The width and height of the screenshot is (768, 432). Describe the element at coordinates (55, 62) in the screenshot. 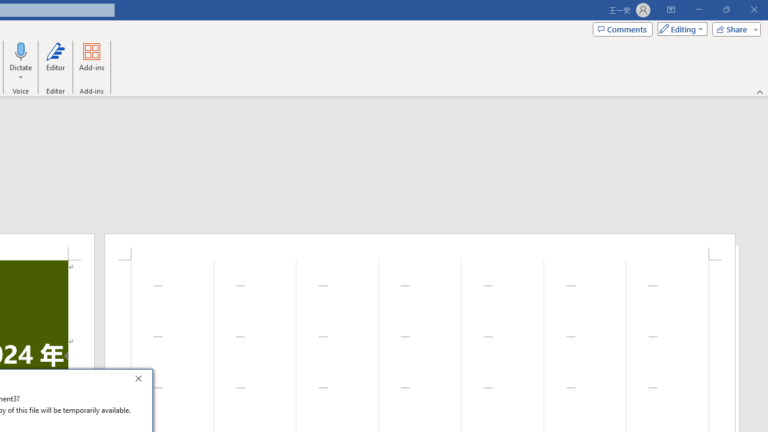

I see `'Editor'` at that location.